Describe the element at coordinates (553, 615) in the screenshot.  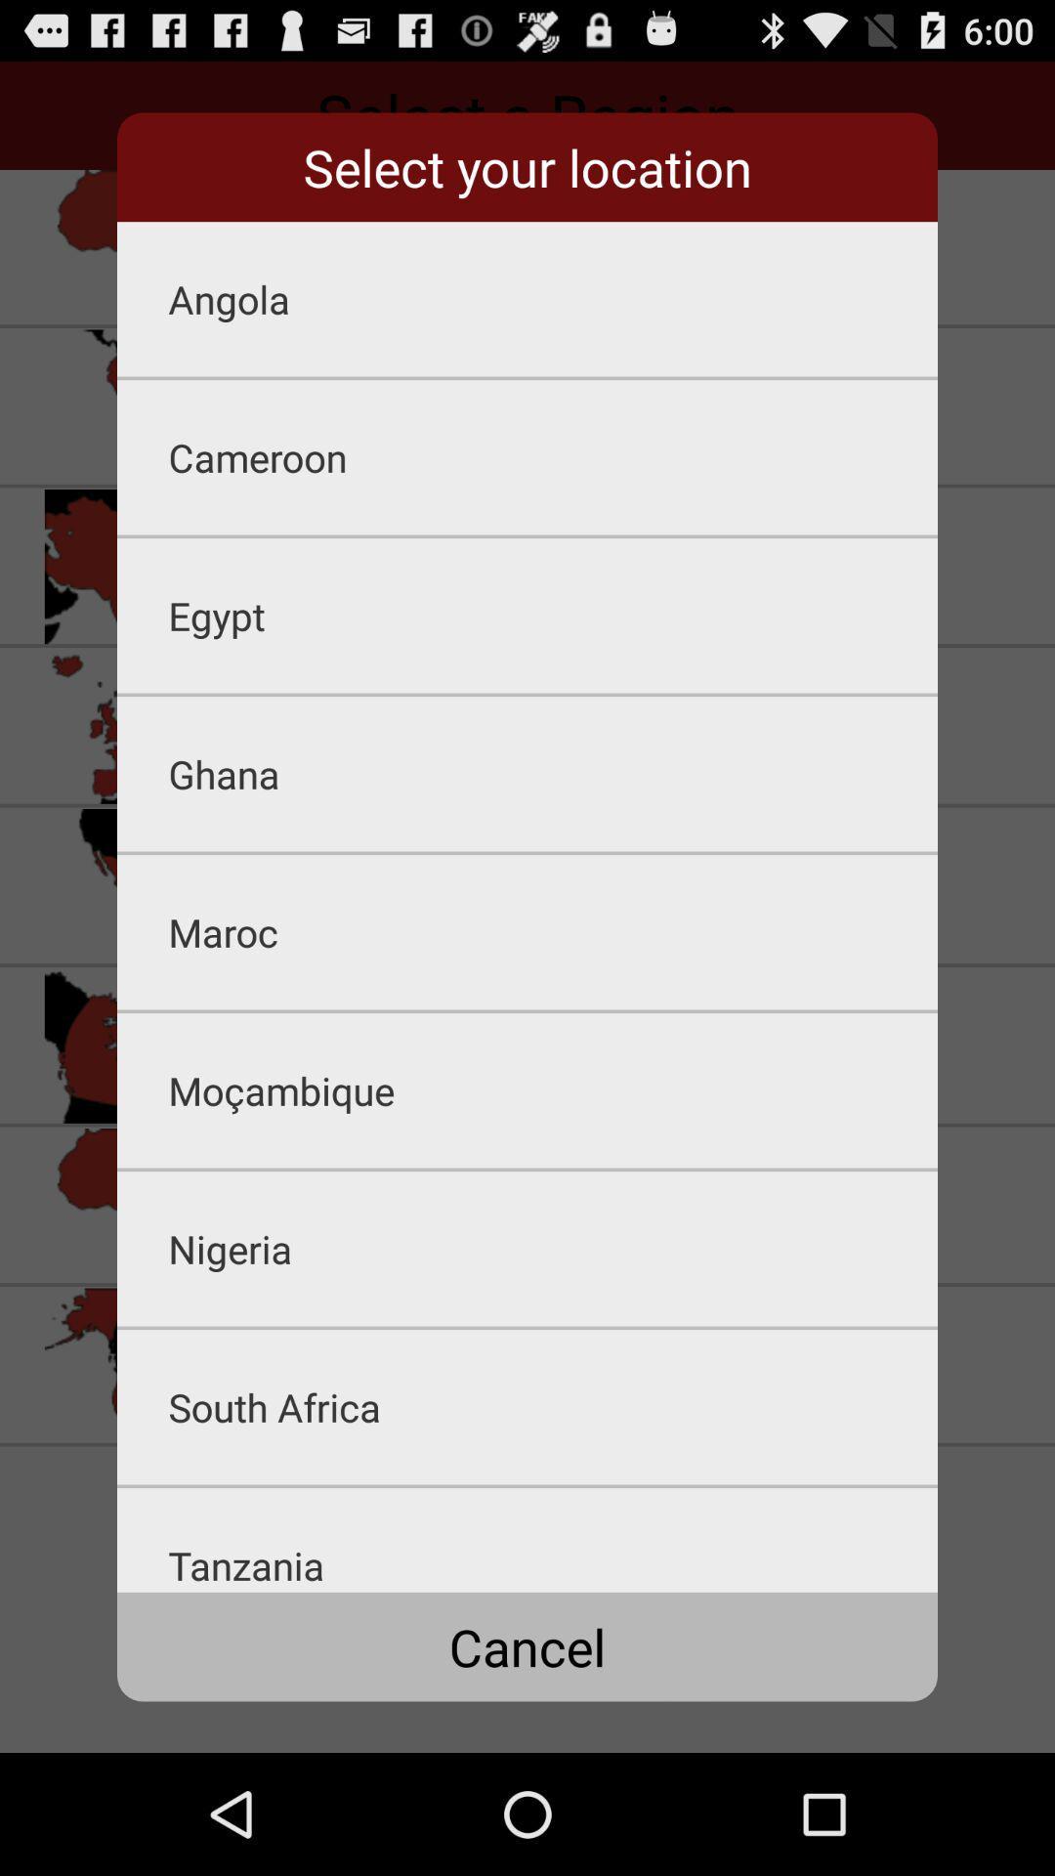
I see `the egypt item` at that location.